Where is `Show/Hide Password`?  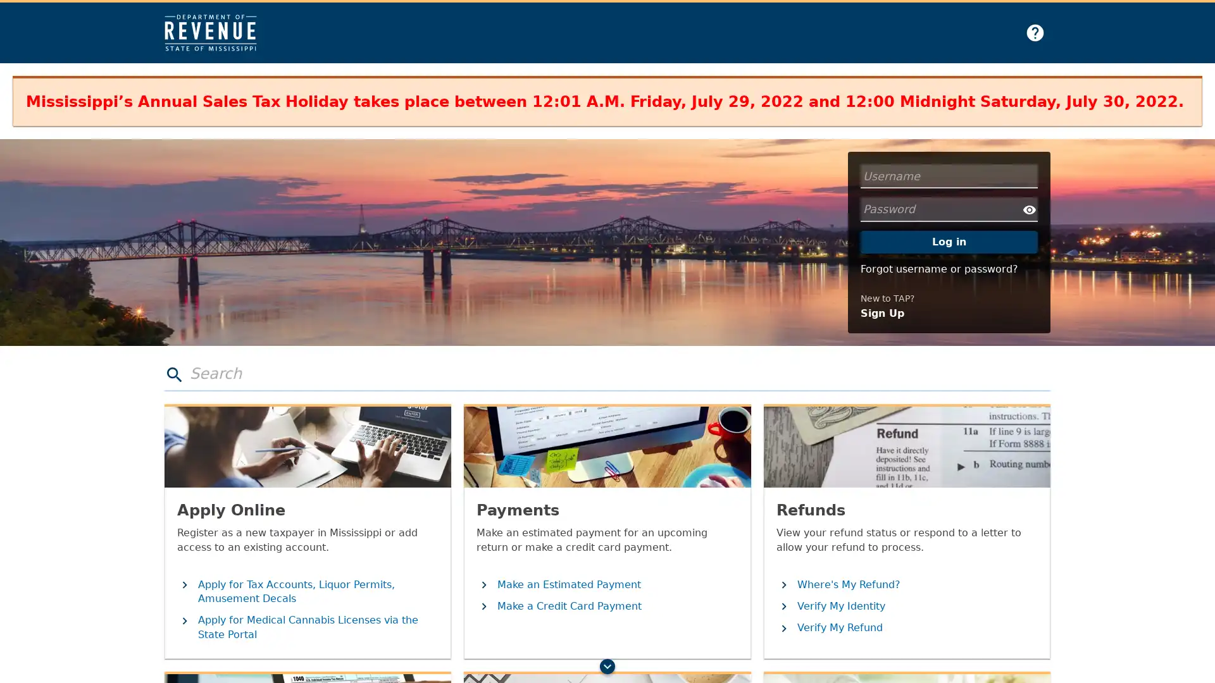 Show/Hide Password is located at coordinates (1030, 209).